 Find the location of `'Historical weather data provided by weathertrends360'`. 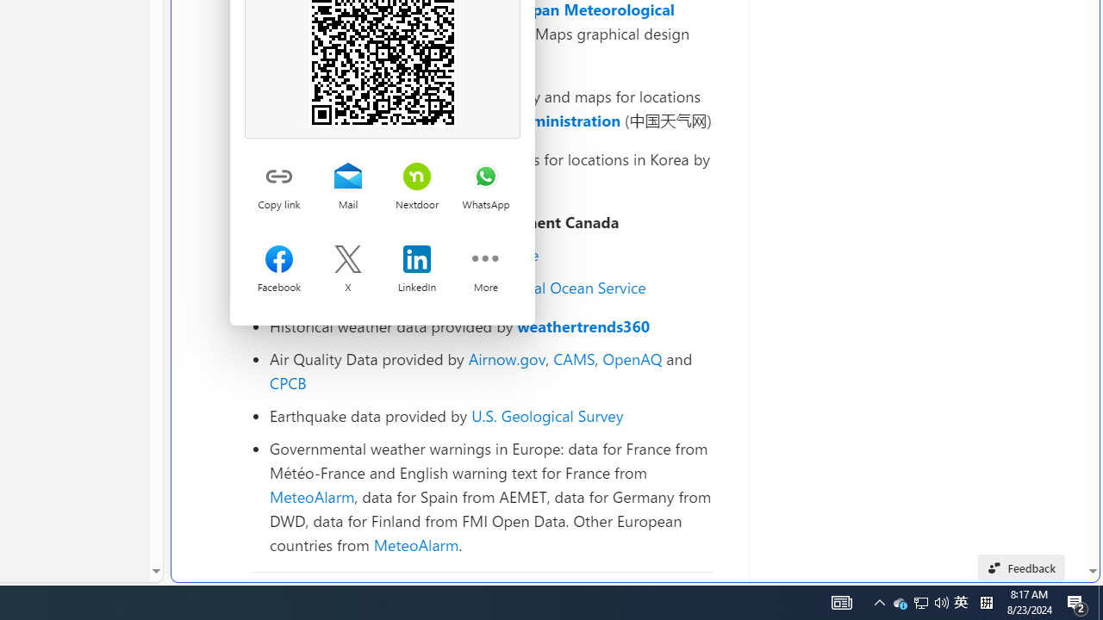

'Historical weather data provided by weathertrends360' is located at coordinates (490, 326).